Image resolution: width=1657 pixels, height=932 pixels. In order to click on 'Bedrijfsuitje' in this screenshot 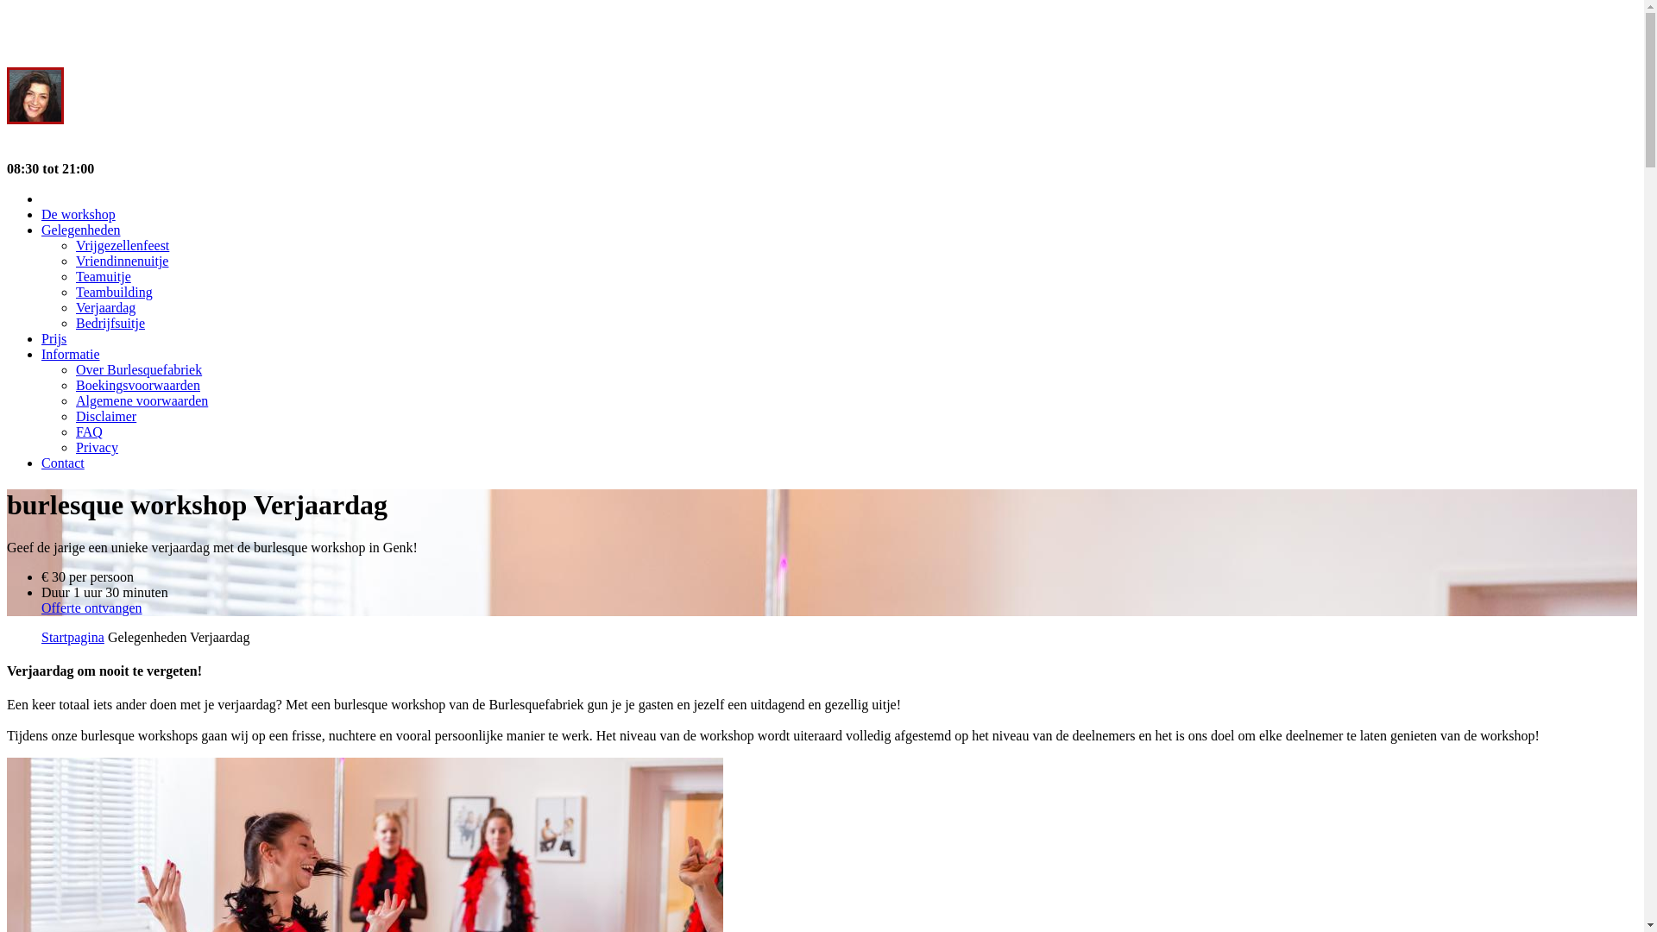, I will do `click(110, 323)`.